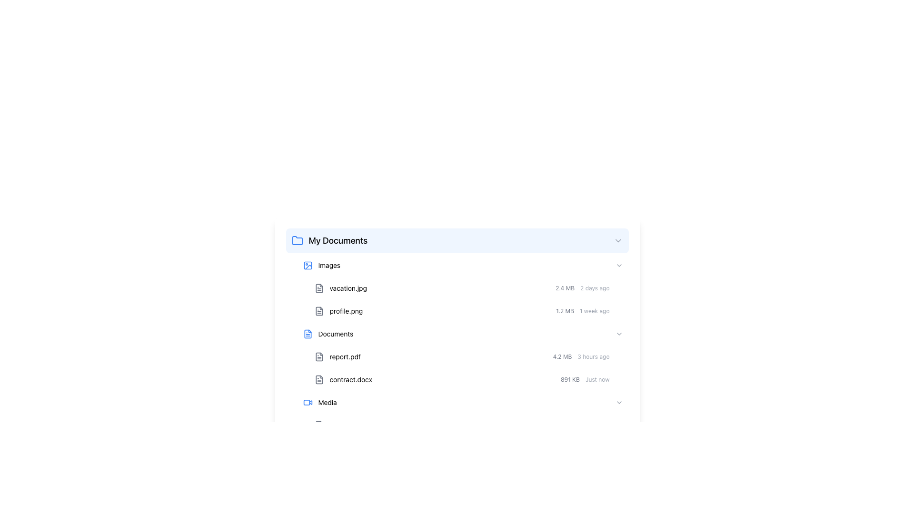 The width and height of the screenshot is (914, 514). What do you see at coordinates (319, 356) in the screenshot?
I see `the document file icon representing 'report.pdf' in the 'Documents' section of the file explorer interface` at bounding box center [319, 356].